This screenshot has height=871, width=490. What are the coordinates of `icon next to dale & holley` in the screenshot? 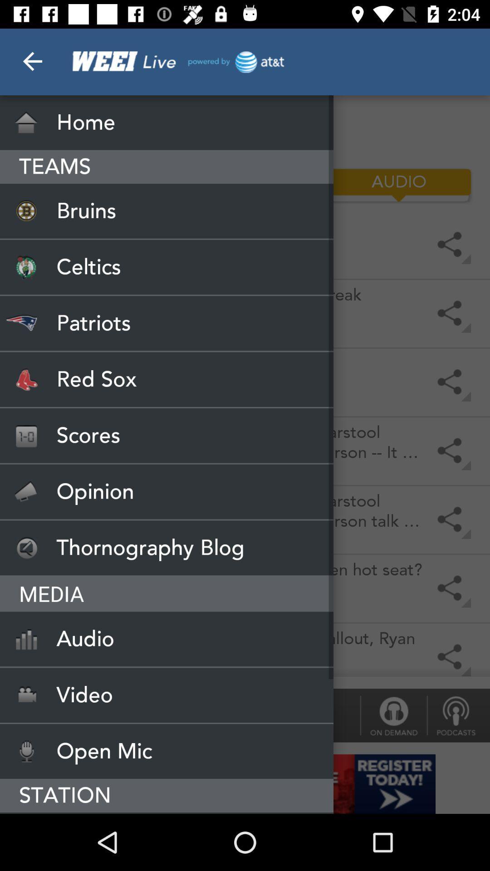 It's located at (393, 715).